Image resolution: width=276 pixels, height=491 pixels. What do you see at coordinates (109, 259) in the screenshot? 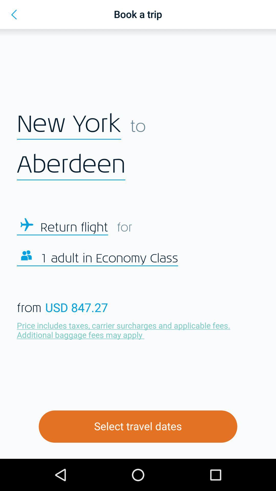
I see `item above from icon` at bounding box center [109, 259].